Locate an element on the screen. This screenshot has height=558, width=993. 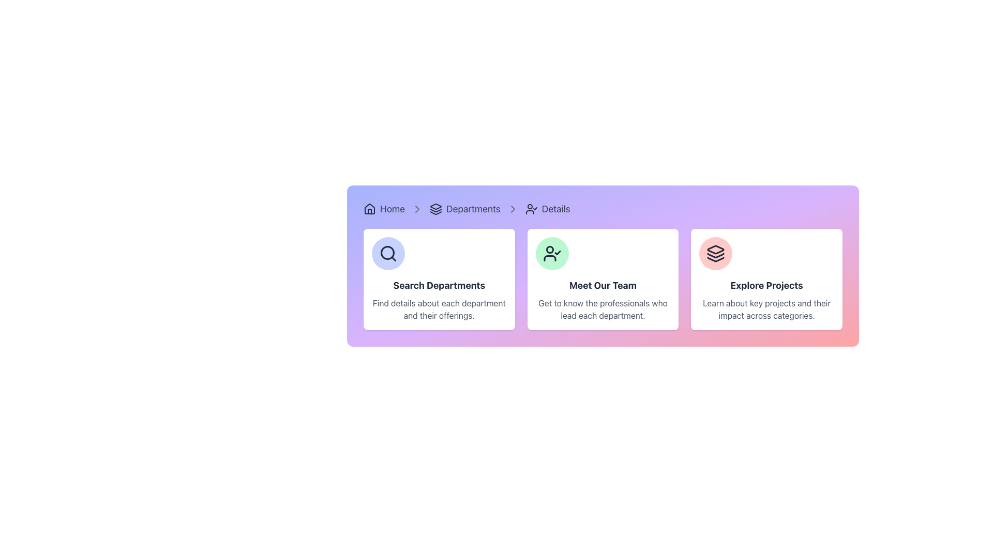
the stacked layers icon within the 'Explore Projects' card located at the bottom right corner of the interface is located at coordinates (715, 253).